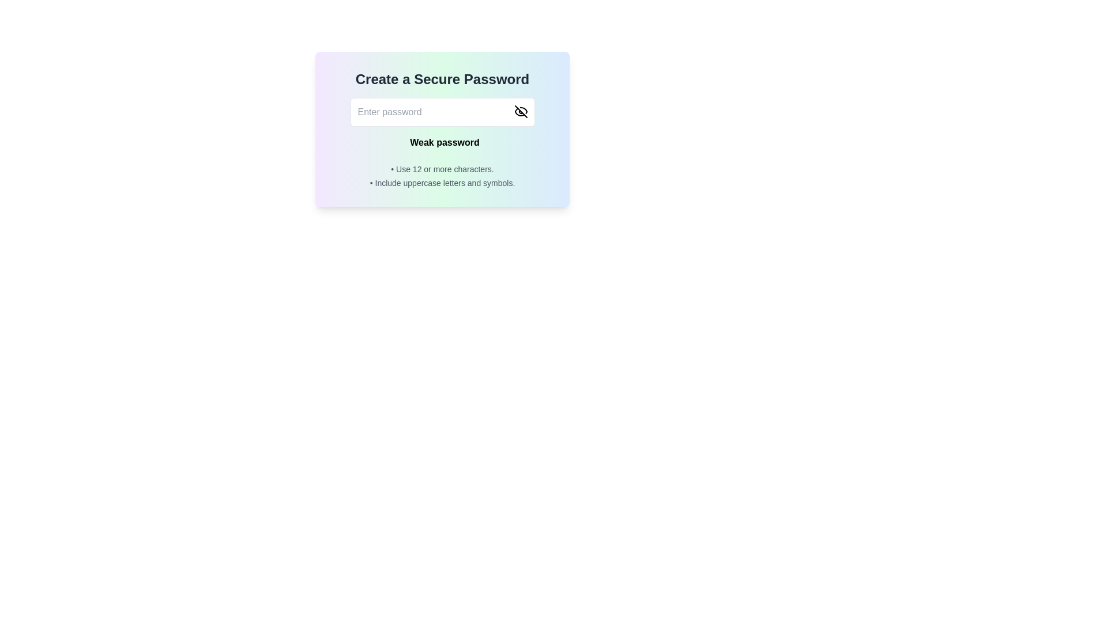 The width and height of the screenshot is (1107, 622). I want to click on text element that states 'Use 12 or more characters.' positioned as the first bullet point in the password requirements guidelines, so click(442, 169).